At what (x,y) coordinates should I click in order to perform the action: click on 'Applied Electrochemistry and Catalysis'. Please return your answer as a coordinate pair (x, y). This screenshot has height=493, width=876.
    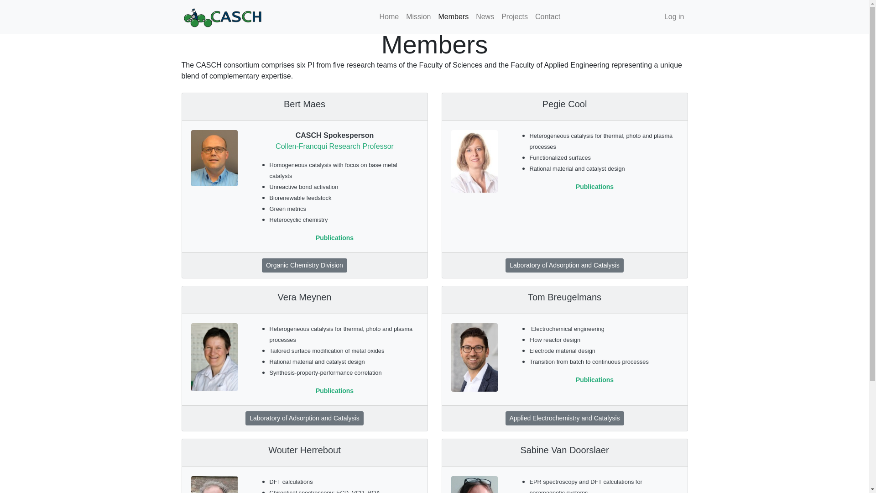
    Looking at the image, I should click on (564, 418).